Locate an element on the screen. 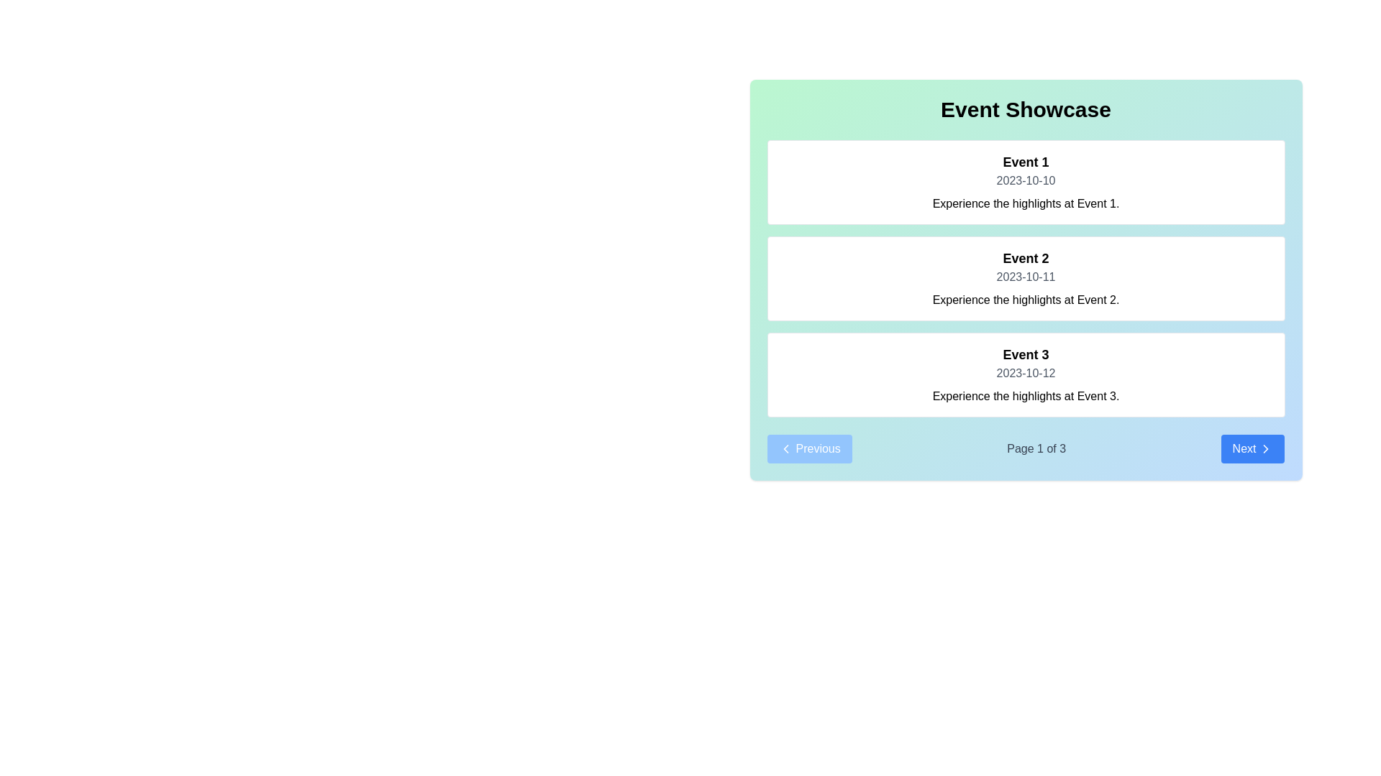 The image size is (1381, 776). the descriptive Text label for 'Event 1' located at the bottom of its card, which summarizes its main attraction or details is located at coordinates (1025, 204).